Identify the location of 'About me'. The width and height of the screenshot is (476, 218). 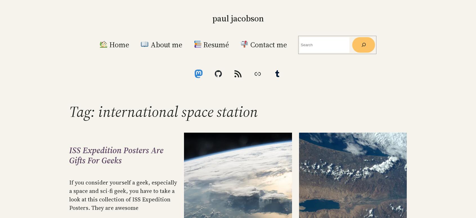
(165, 44).